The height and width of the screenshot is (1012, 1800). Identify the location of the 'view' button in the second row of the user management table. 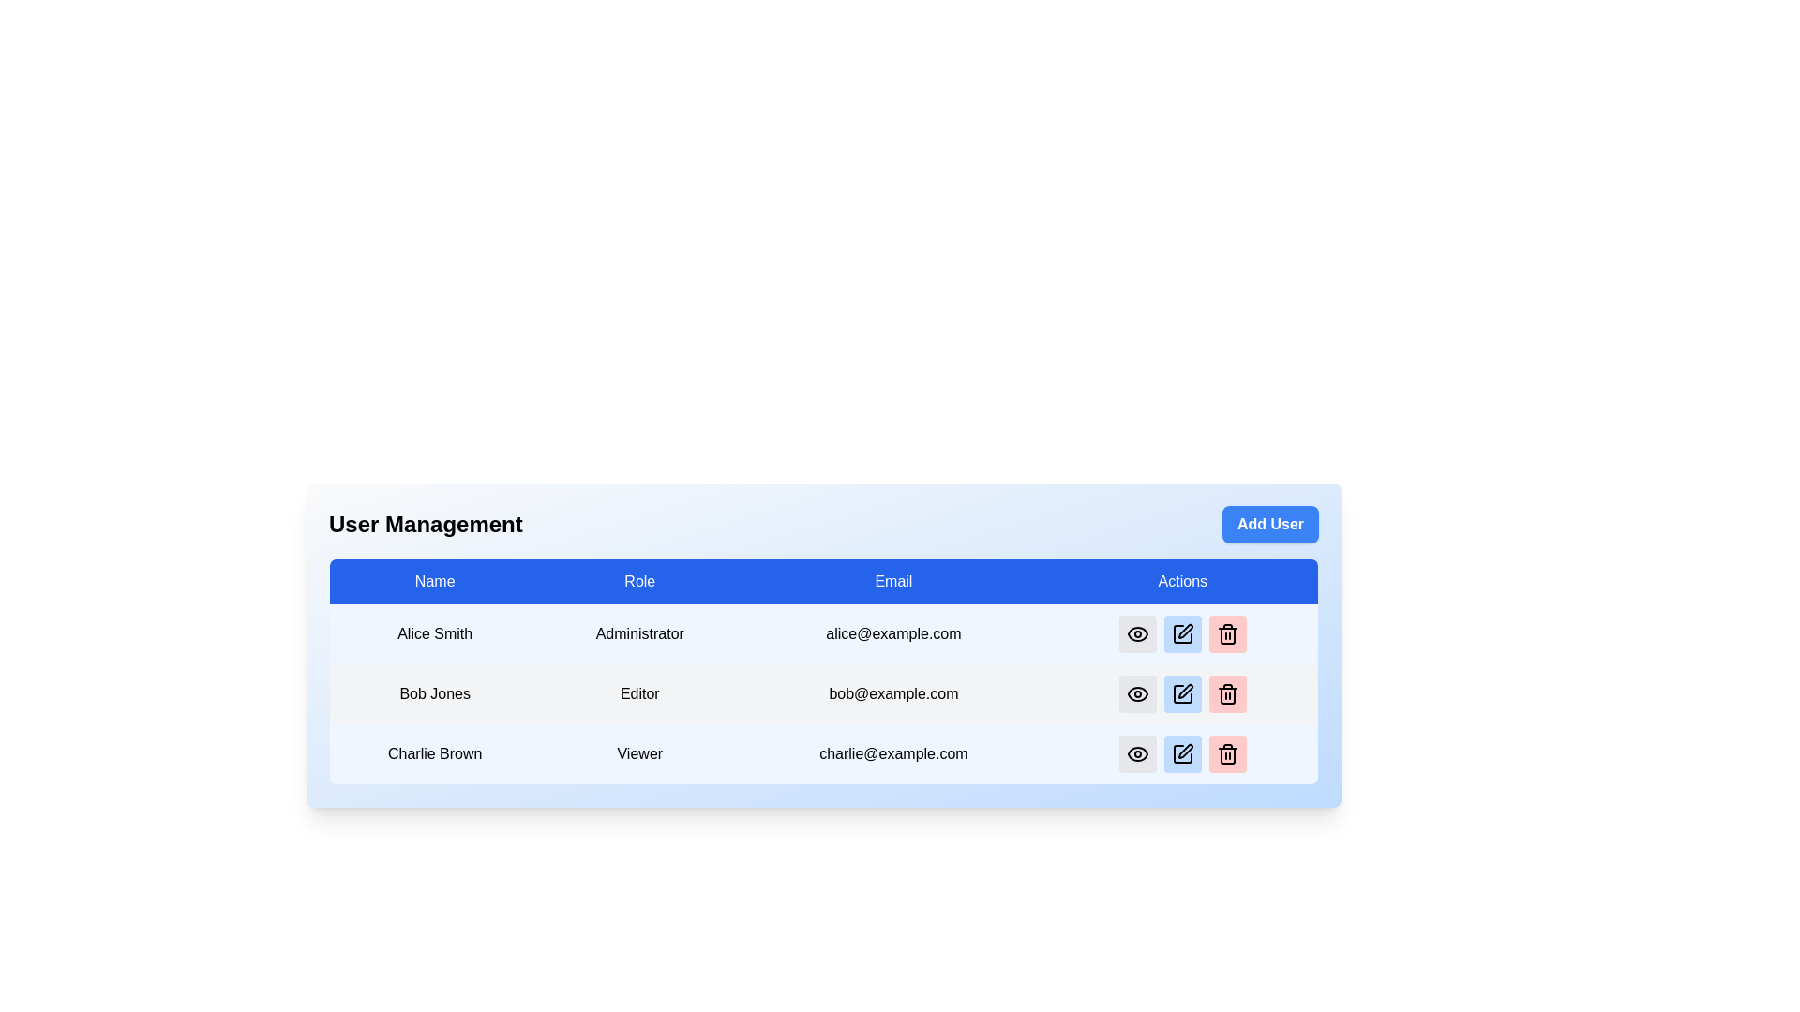
(1136, 693).